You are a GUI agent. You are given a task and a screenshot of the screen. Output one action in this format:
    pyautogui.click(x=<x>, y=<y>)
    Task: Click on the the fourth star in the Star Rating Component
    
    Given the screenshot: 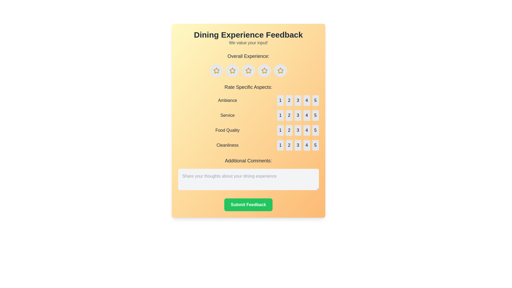 What is the action you would take?
    pyautogui.click(x=280, y=70)
    